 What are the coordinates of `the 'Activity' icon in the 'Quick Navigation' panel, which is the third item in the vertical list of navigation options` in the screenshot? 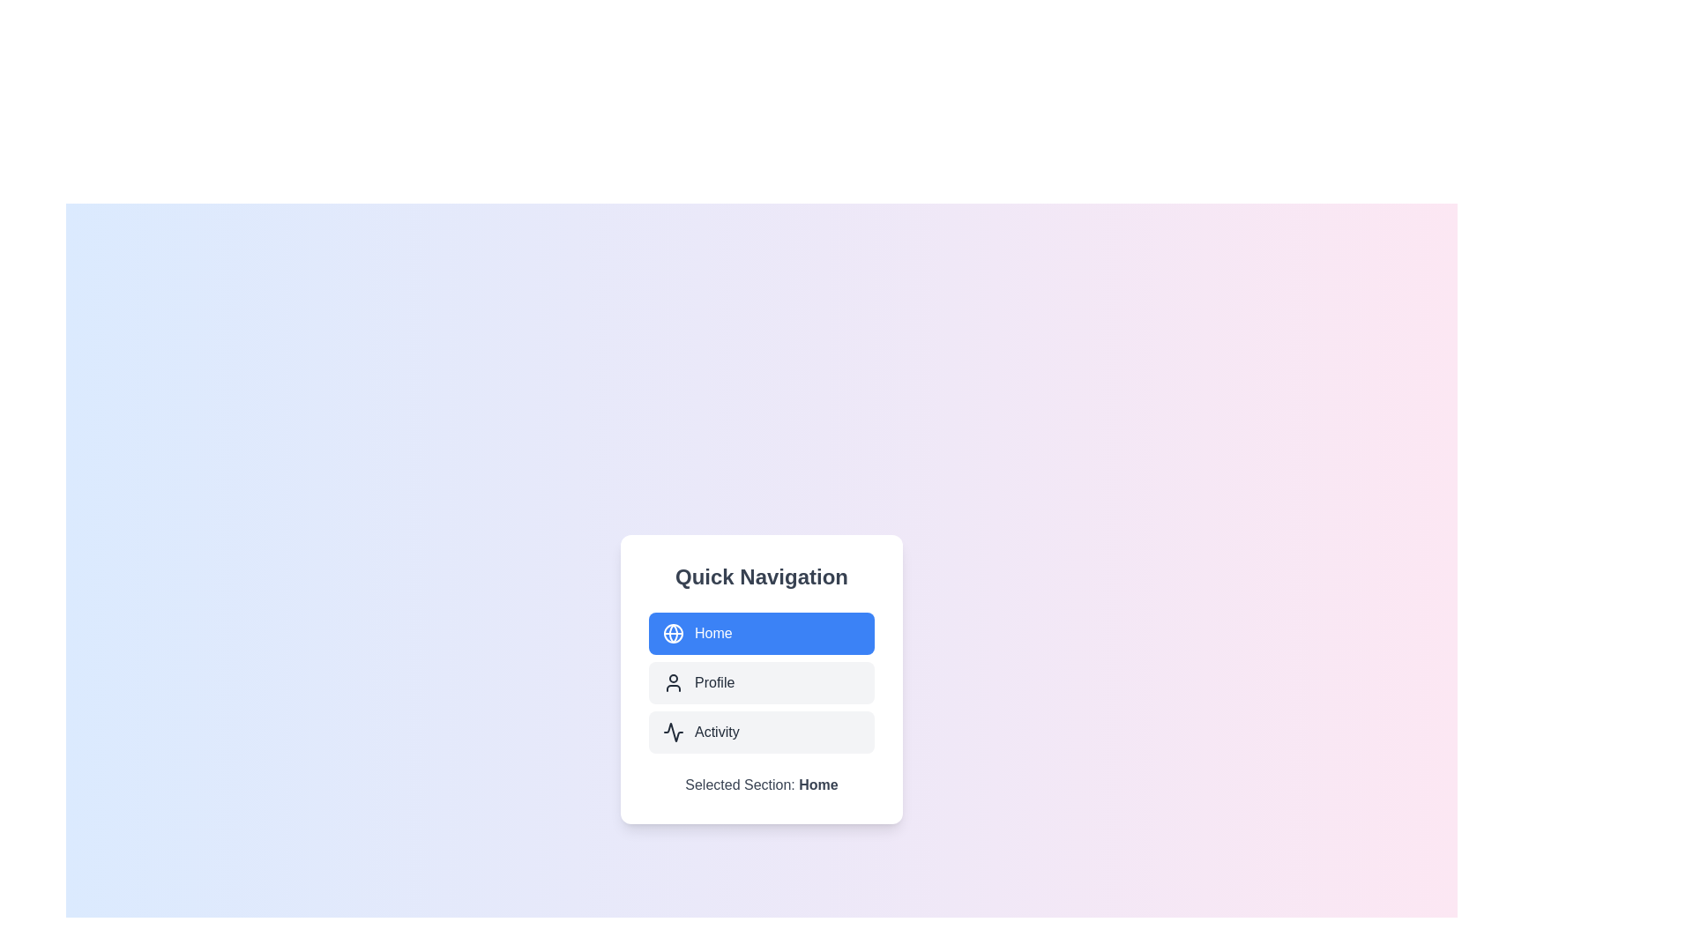 It's located at (672, 732).